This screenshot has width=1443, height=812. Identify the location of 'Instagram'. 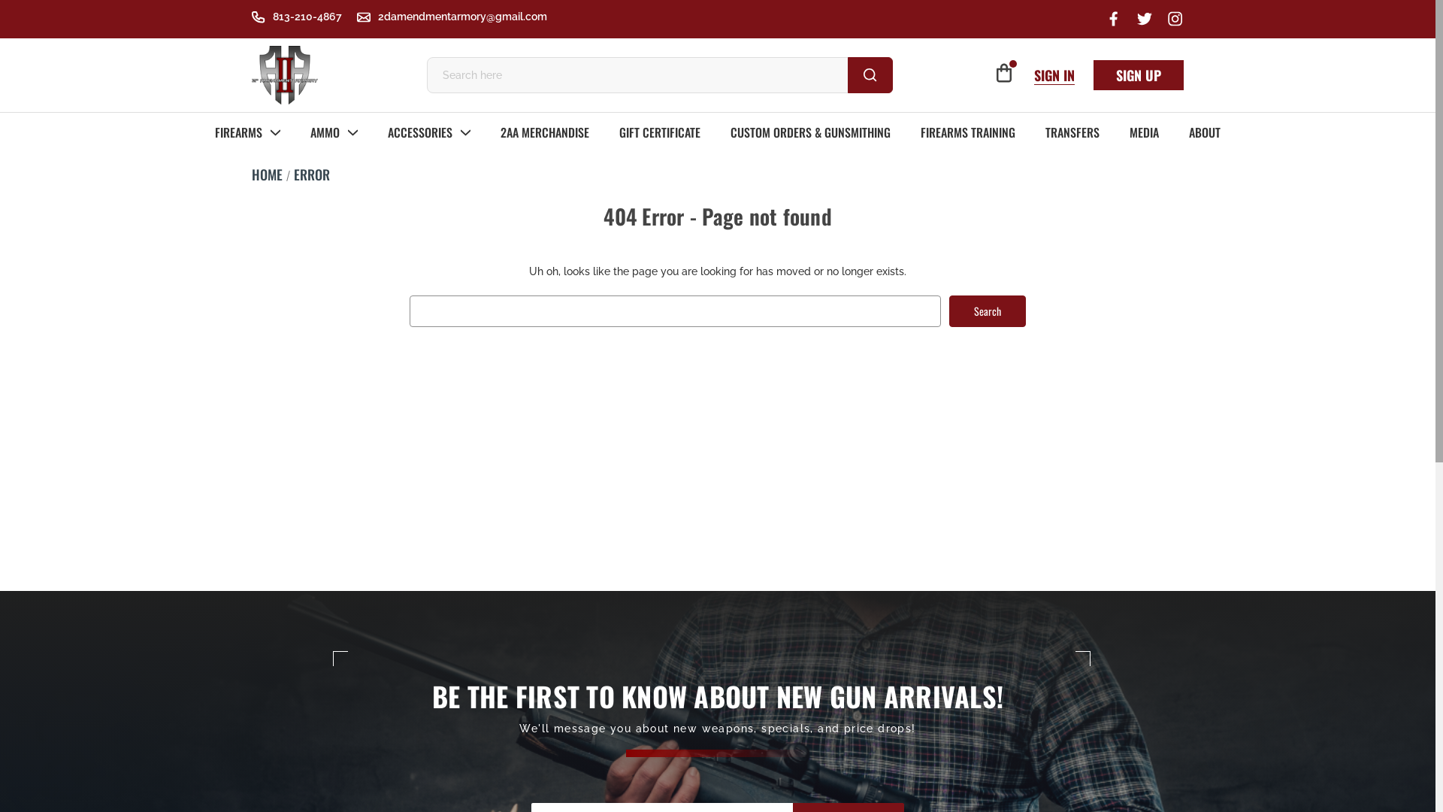
(1167, 18).